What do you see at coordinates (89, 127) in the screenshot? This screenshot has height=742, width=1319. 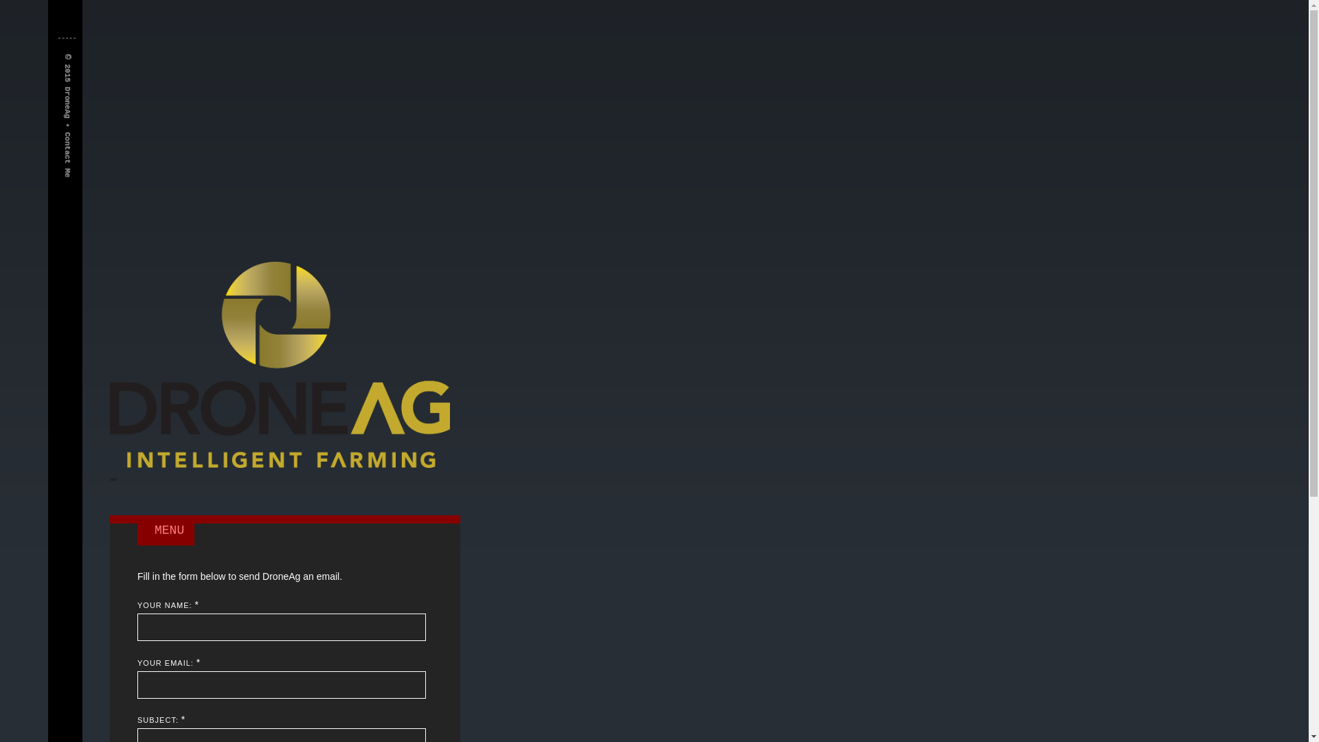 I see `'Contact Me'` at bounding box center [89, 127].